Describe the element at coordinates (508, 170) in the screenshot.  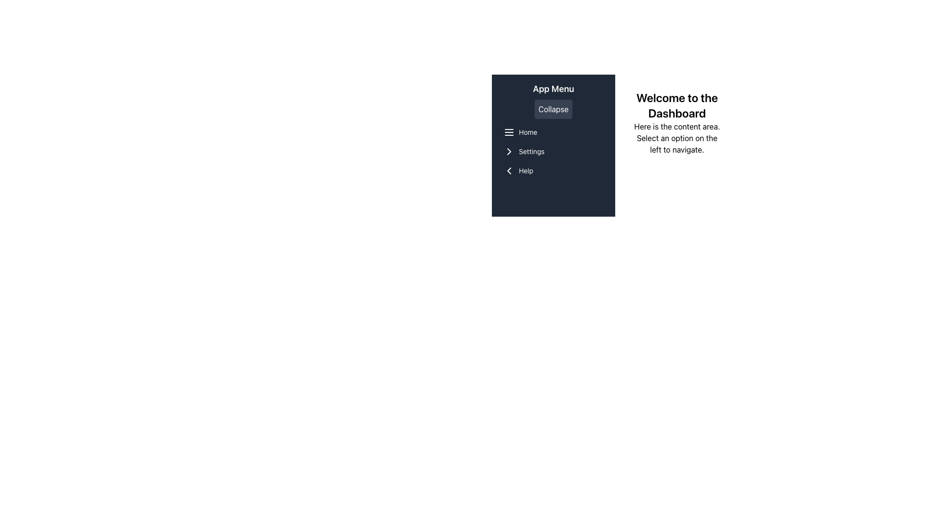
I see `the left-pointing chevron icon in the sidebar navigation menu to interact with the navigation functionality` at that location.